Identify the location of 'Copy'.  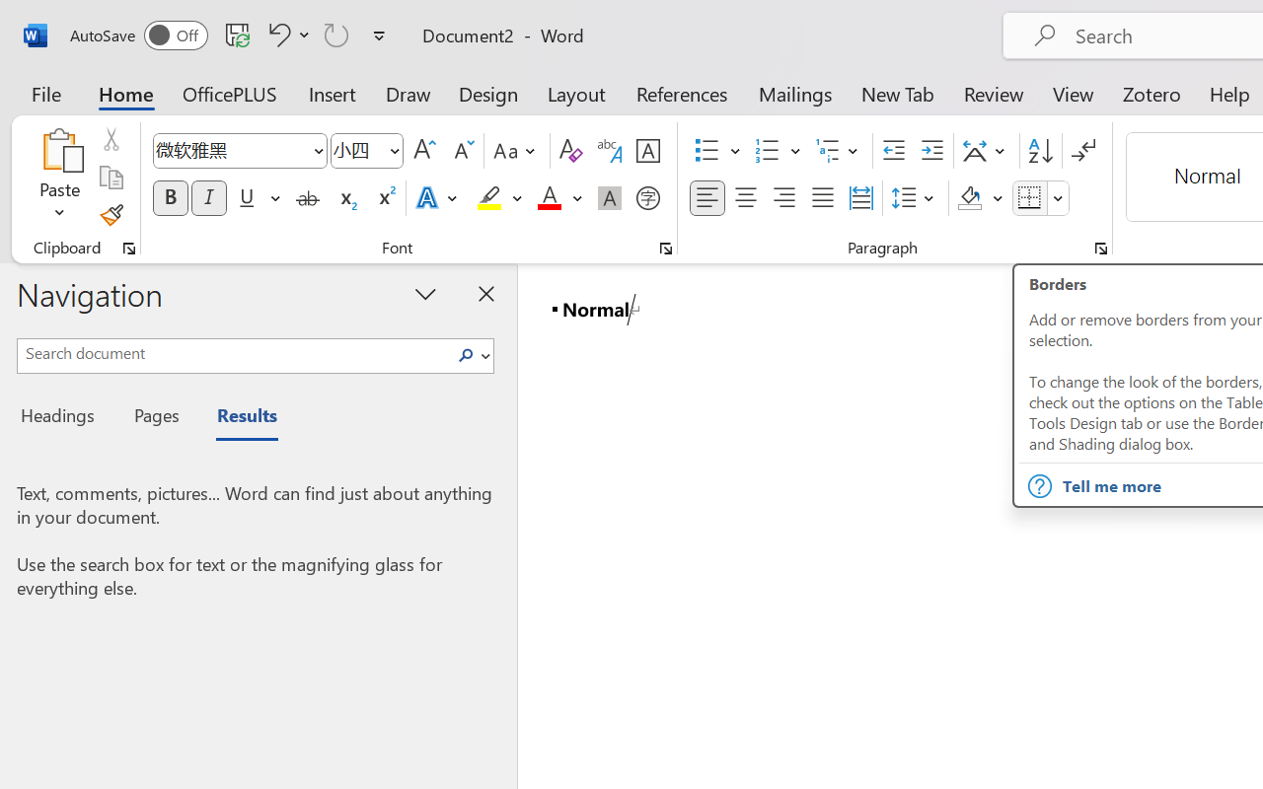
(110, 177).